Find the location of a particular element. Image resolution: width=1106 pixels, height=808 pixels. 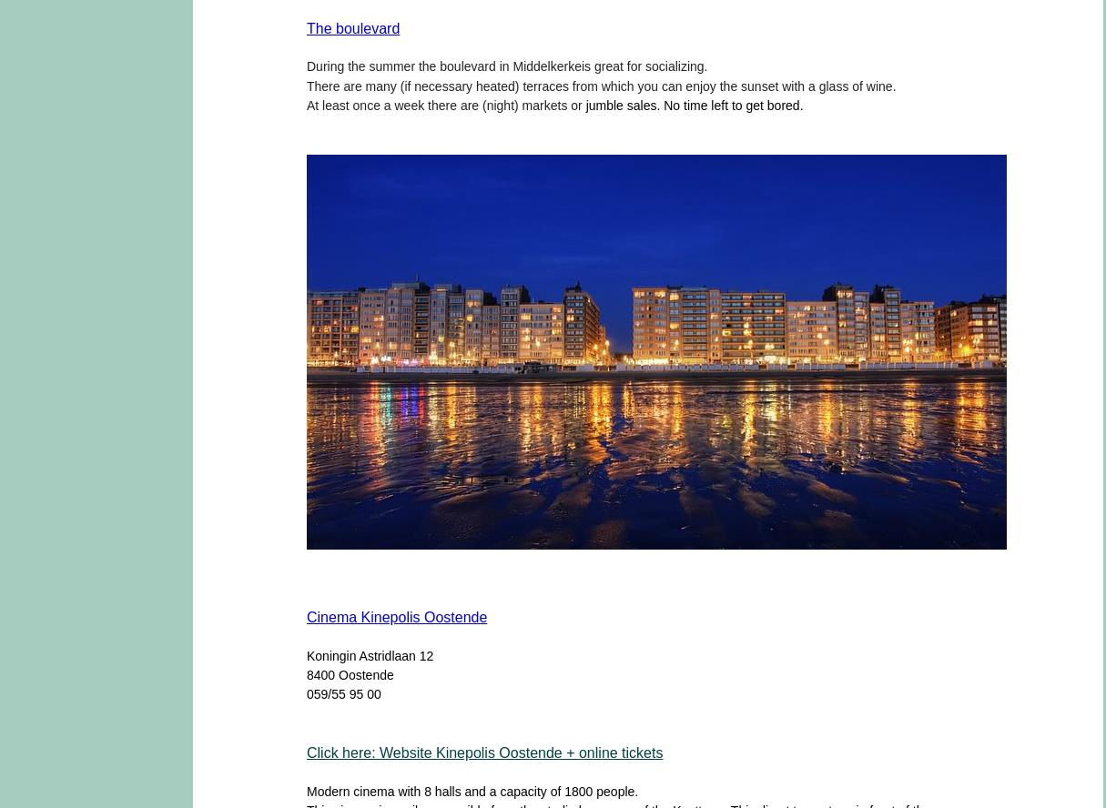

'you' is located at coordinates (646, 85).